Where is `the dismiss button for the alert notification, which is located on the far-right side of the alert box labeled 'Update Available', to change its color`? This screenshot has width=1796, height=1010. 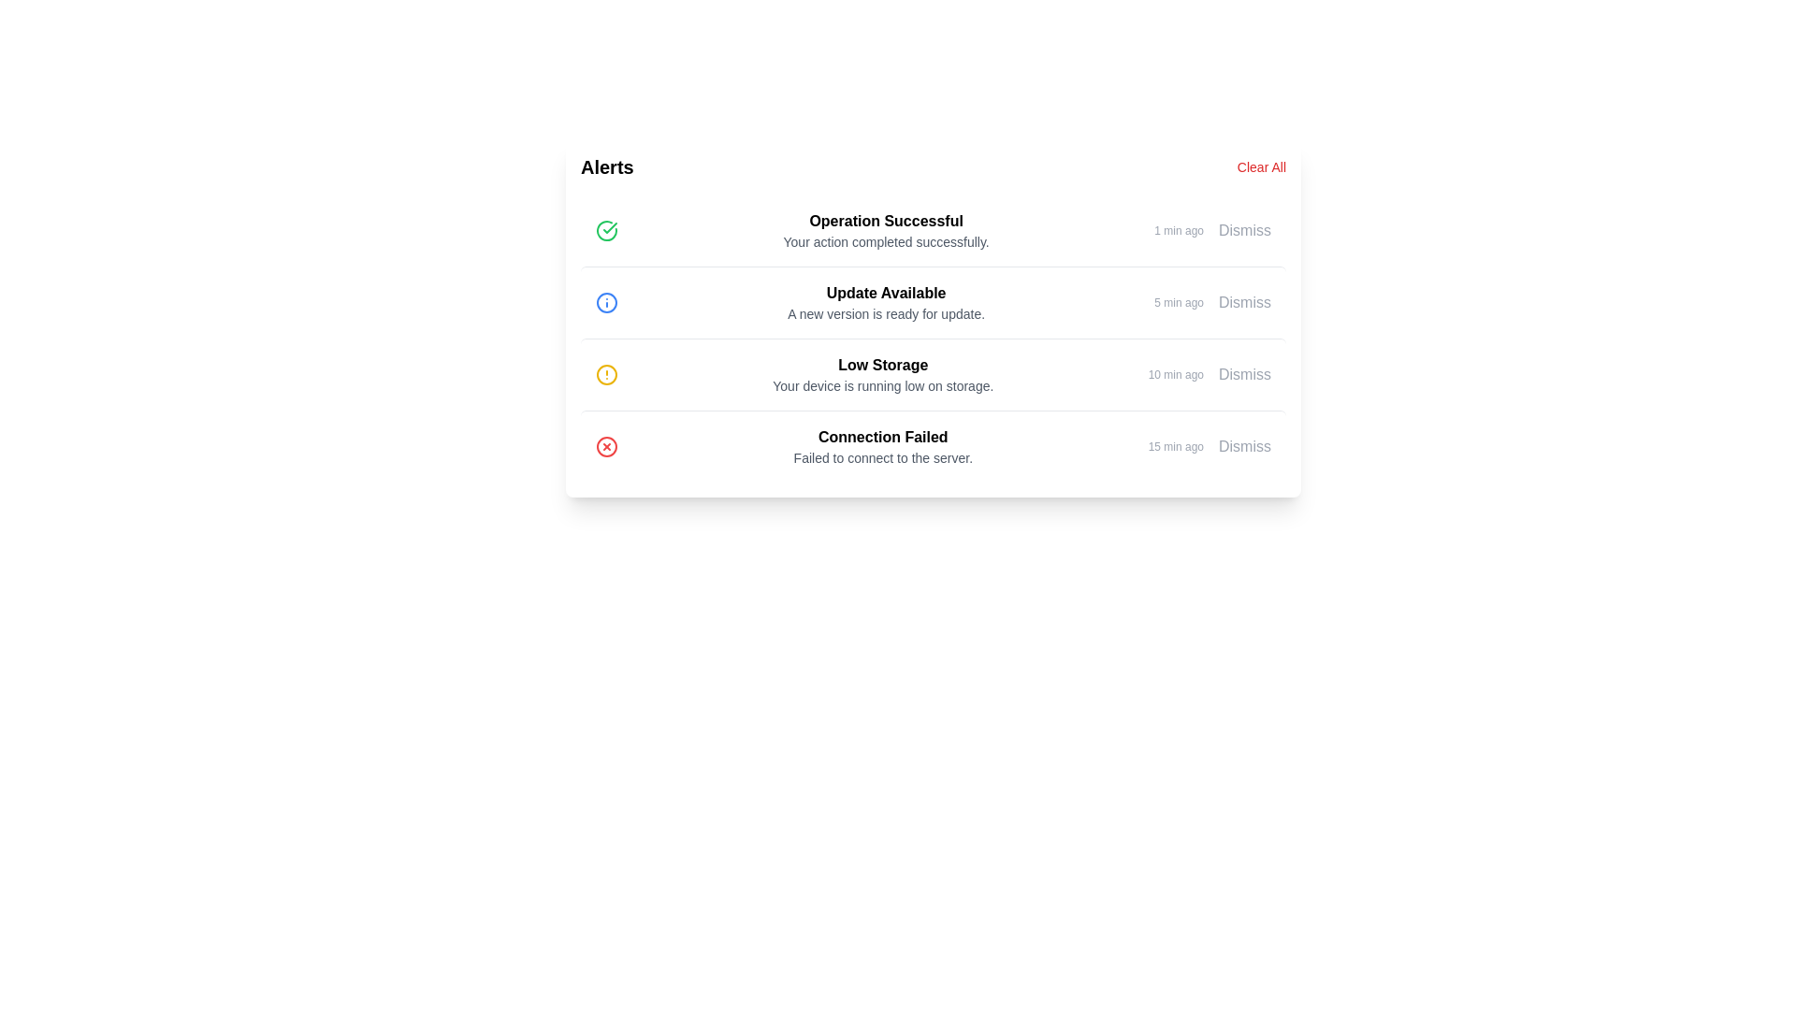
the dismiss button for the alert notification, which is located on the far-right side of the alert box labeled 'Update Available', to change its color is located at coordinates (1244, 302).